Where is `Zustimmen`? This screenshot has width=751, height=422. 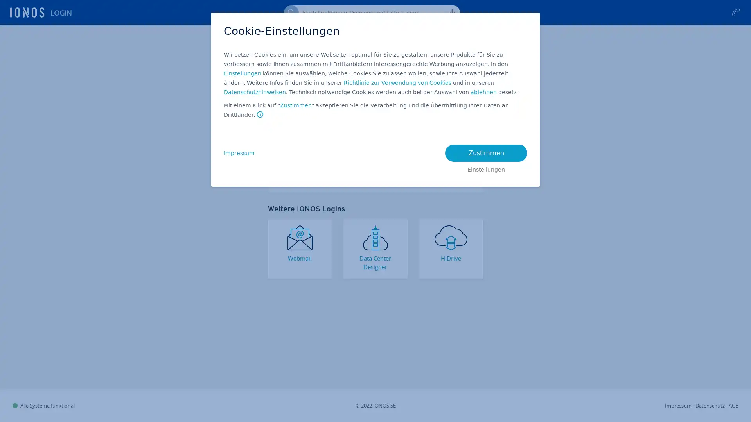 Zustimmen is located at coordinates (295, 105).